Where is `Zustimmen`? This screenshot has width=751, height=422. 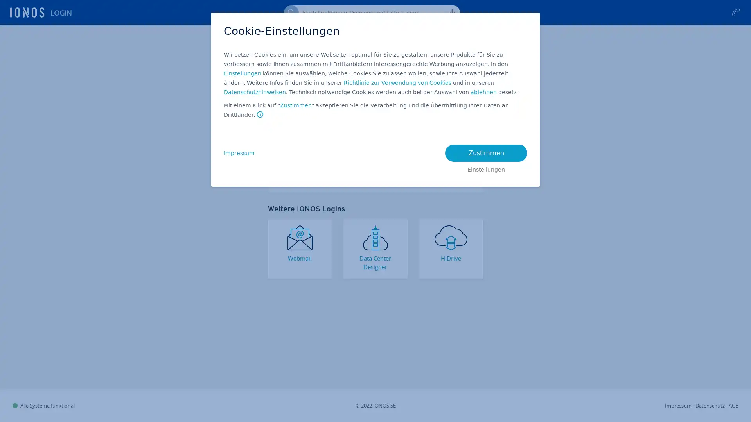 Zustimmen is located at coordinates (295, 105).